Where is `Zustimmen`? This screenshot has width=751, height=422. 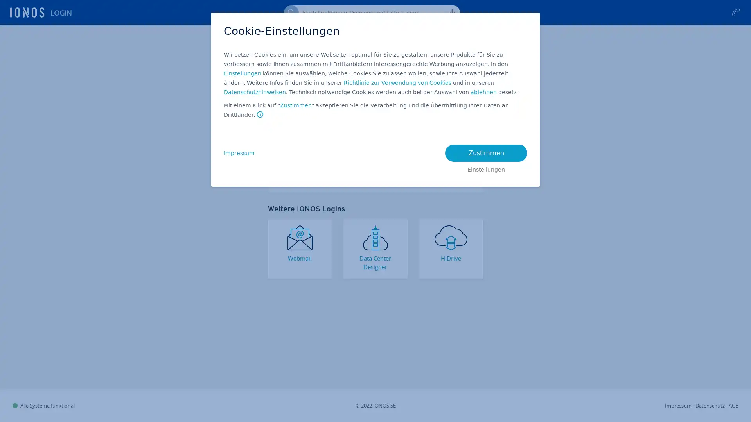 Zustimmen is located at coordinates (295, 105).